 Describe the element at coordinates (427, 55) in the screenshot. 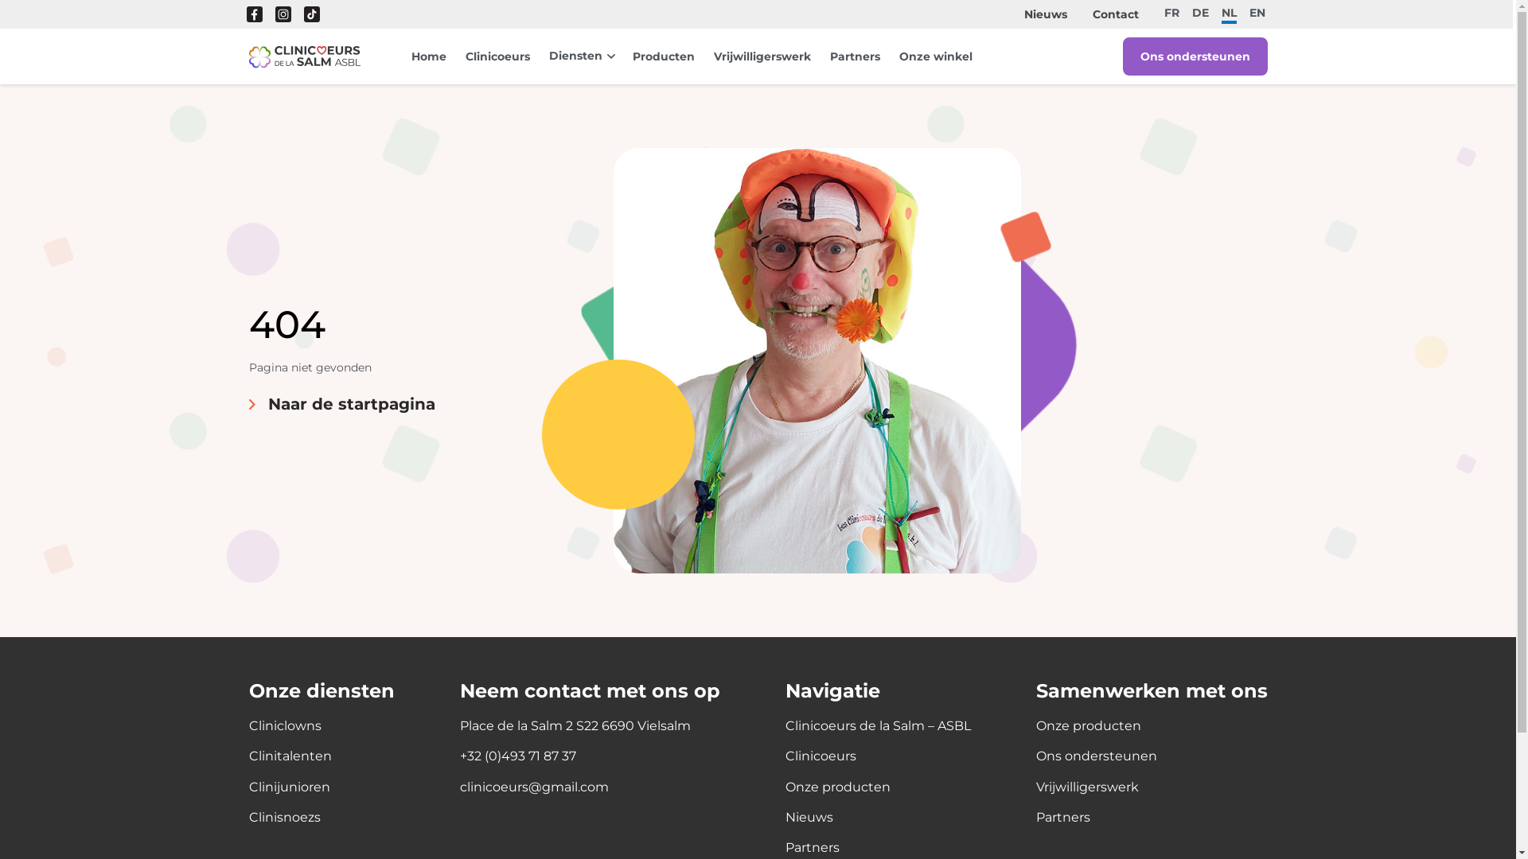

I see `'Home'` at that location.